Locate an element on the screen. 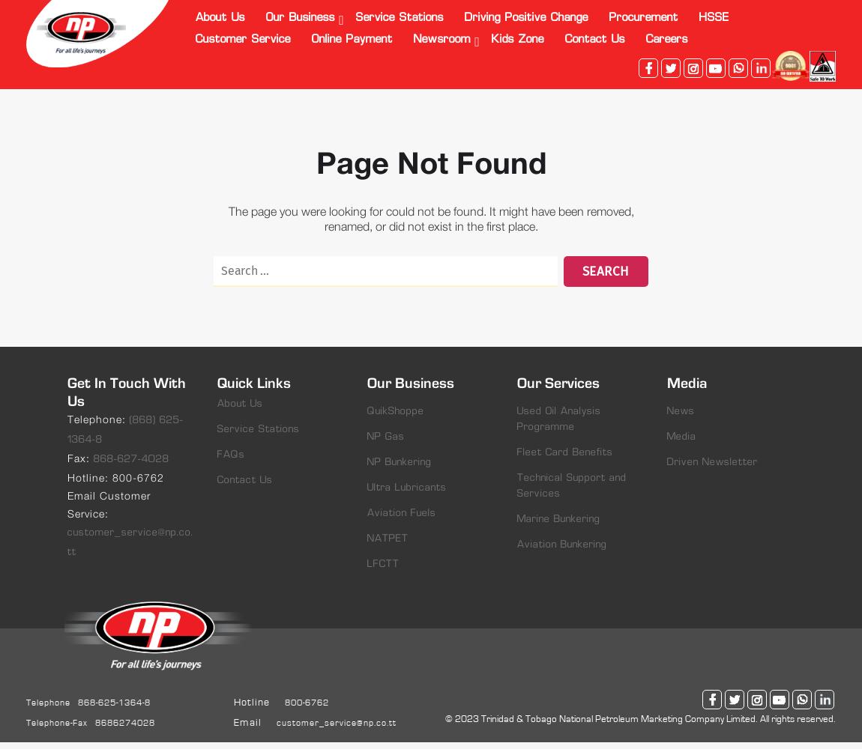 This screenshot has height=749, width=862. 'Telephone' is located at coordinates (25, 702).